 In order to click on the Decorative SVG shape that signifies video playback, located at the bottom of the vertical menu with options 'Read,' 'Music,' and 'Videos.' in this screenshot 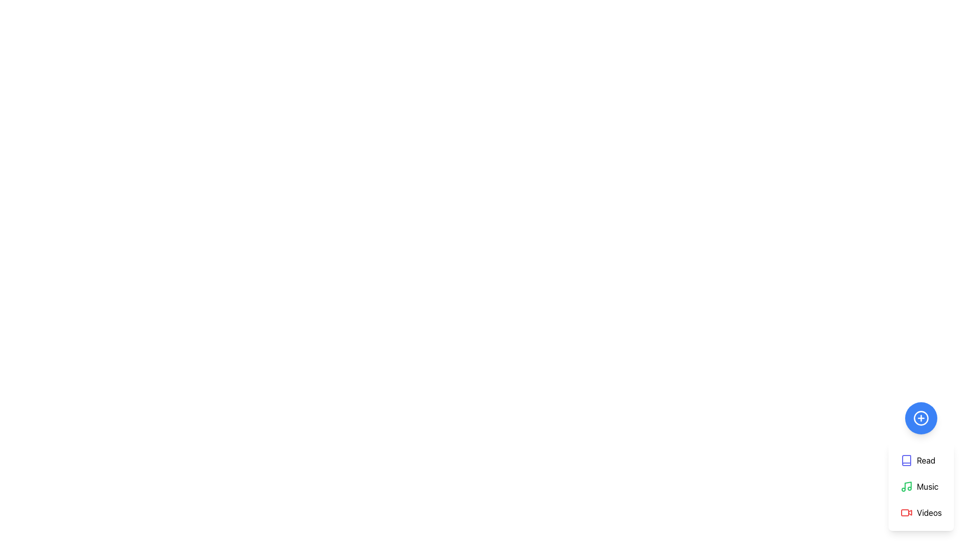, I will do `click(910, 512)`.